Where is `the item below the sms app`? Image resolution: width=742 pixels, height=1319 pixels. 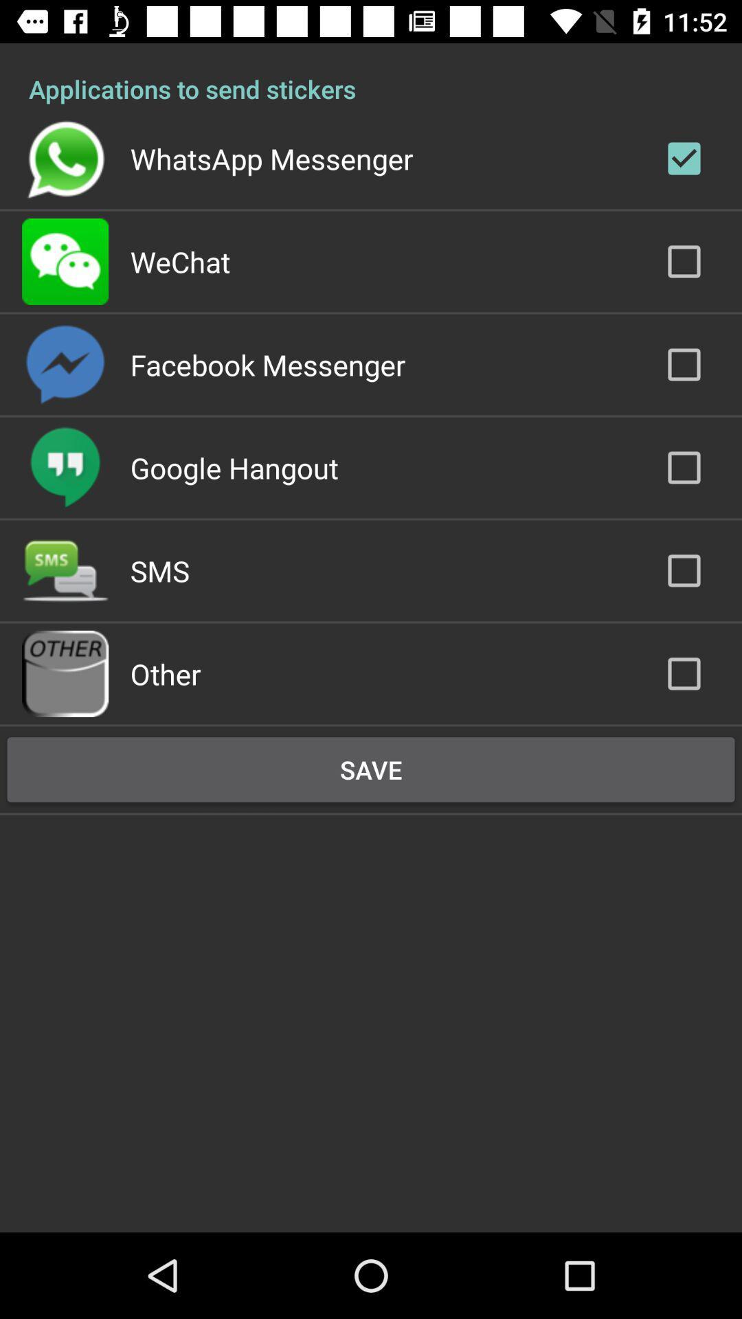 the item below the sms app is located at coordinates (165, 673).